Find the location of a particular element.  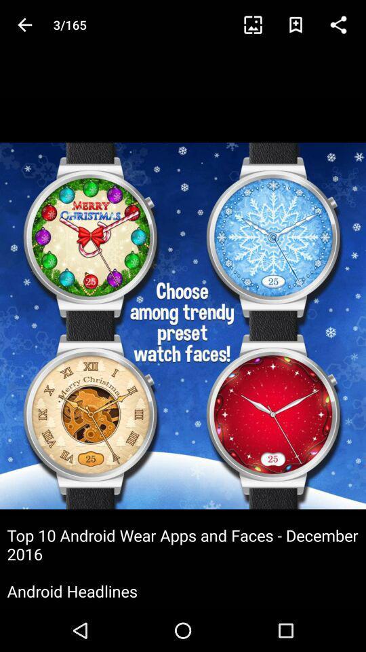

the arrow_backward icon is located at coordinates (24, 24).